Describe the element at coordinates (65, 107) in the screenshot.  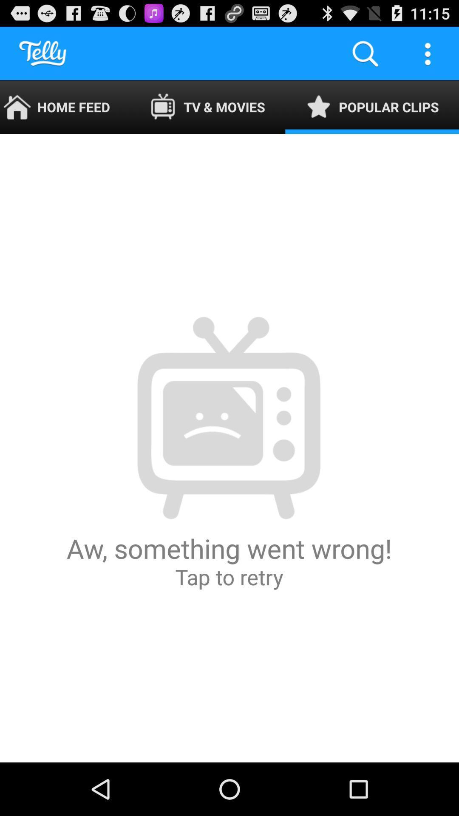
I see `the icon above the aw something went app` at that location.